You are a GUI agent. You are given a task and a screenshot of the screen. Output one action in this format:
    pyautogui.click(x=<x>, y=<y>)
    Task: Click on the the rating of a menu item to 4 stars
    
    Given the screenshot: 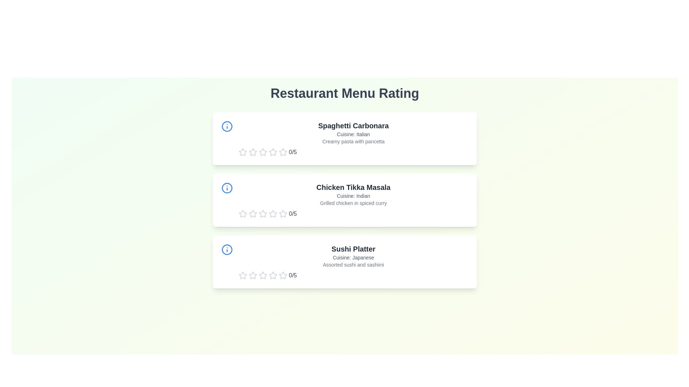 What is the action you would take?
    pyautogui.click(x=273, y=152)
    